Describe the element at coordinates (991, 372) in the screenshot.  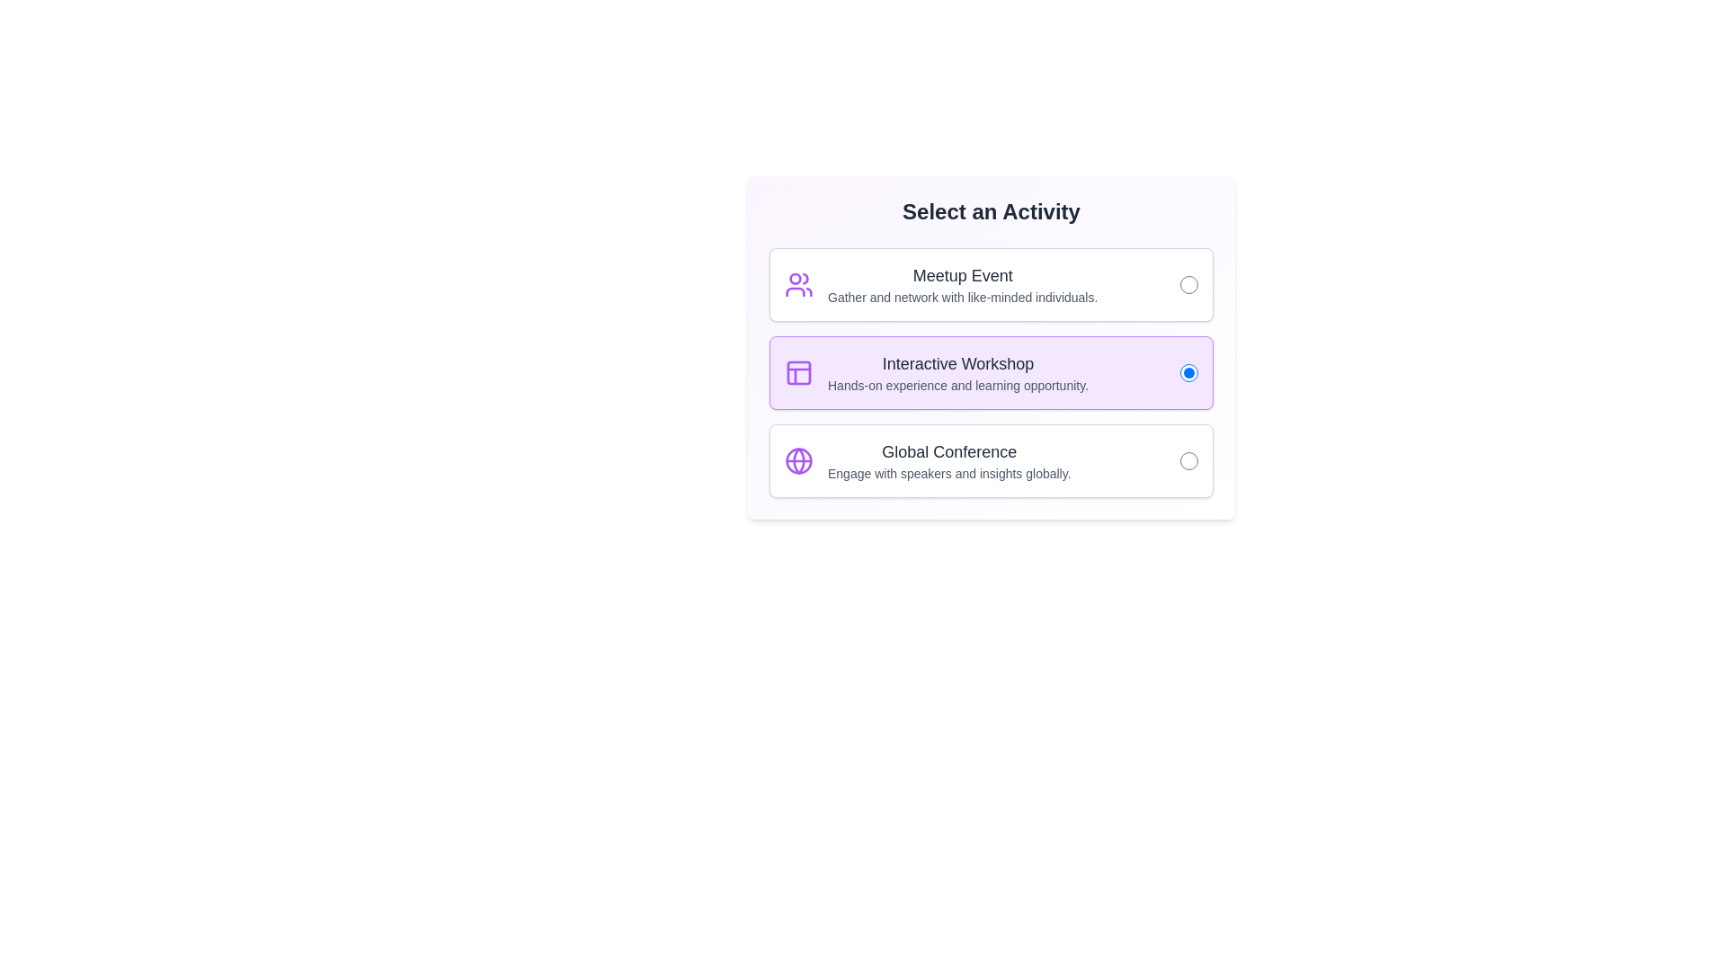
I see `the selectable list item titled 'Interactive Workshop' with a radio button` at that location.